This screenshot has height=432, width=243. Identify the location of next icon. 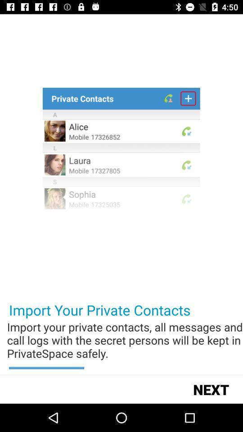
(211, 389).